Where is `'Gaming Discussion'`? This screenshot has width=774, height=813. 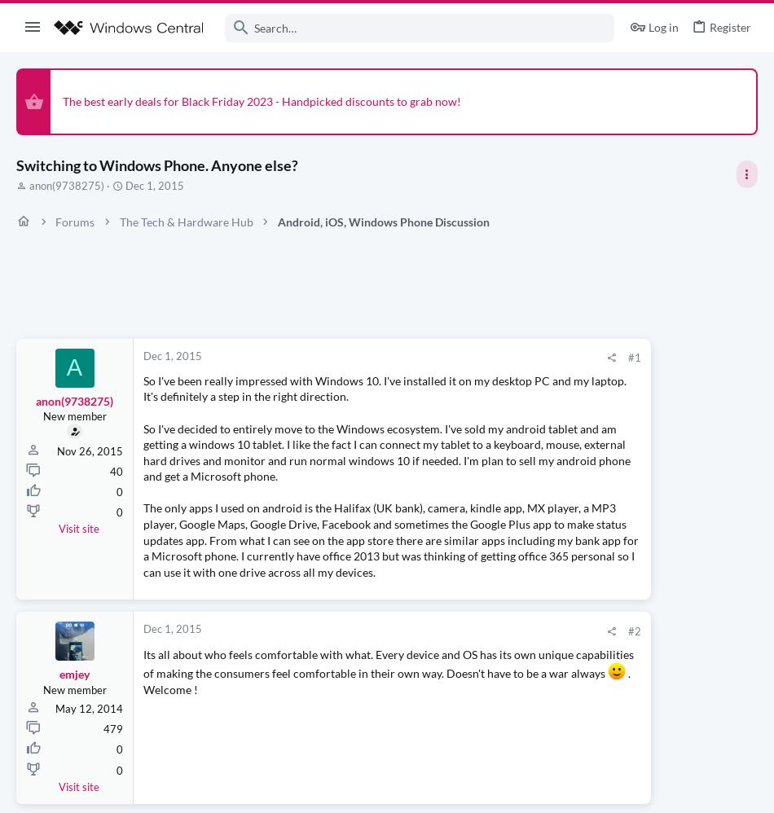
'Gaming Discussion' is located at coordinates (586, 427).